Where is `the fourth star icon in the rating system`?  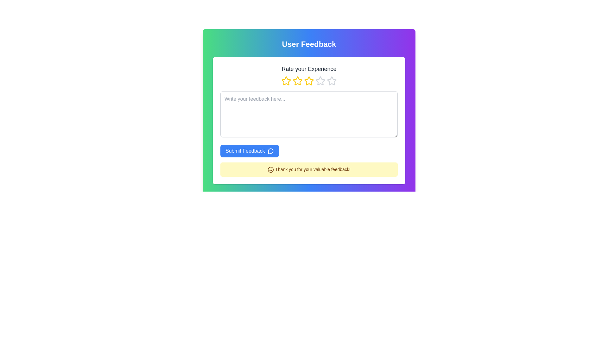
the fourth star icon in the rating system is located at coordinates (320, 80).